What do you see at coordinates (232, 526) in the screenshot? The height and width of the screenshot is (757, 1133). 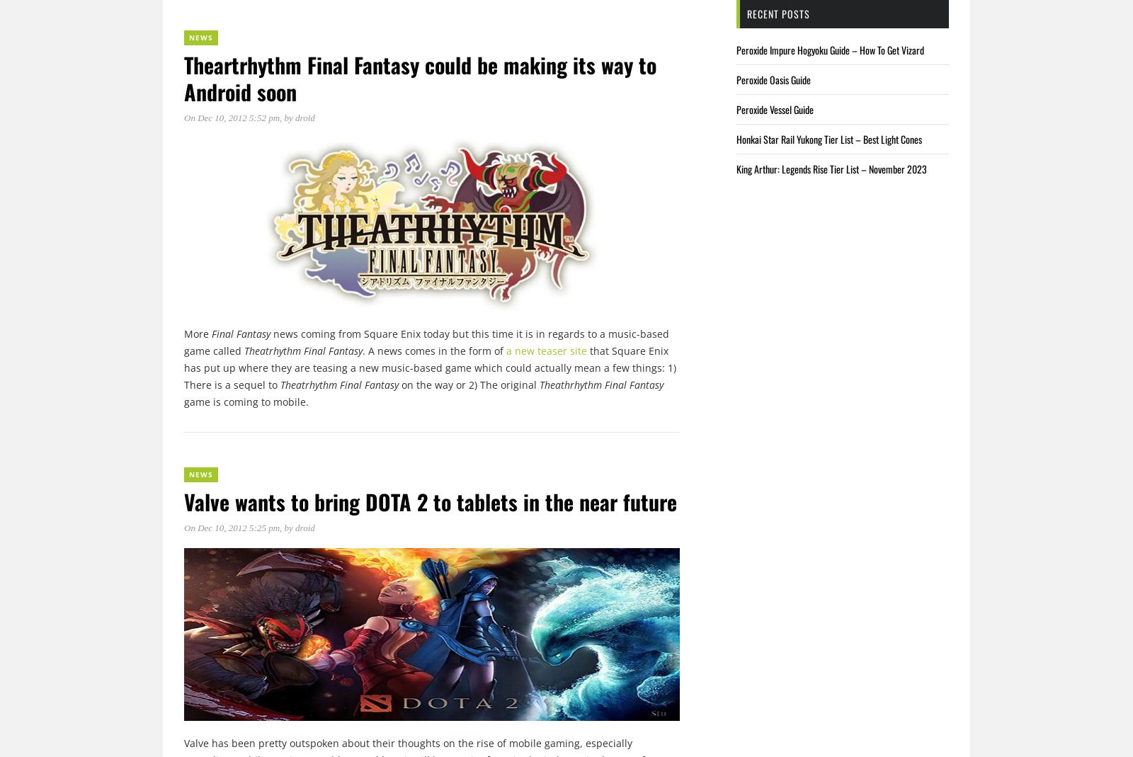 I see `'On Dec 10, 2012 5:25 pm'` at bounding box center [232, 526].